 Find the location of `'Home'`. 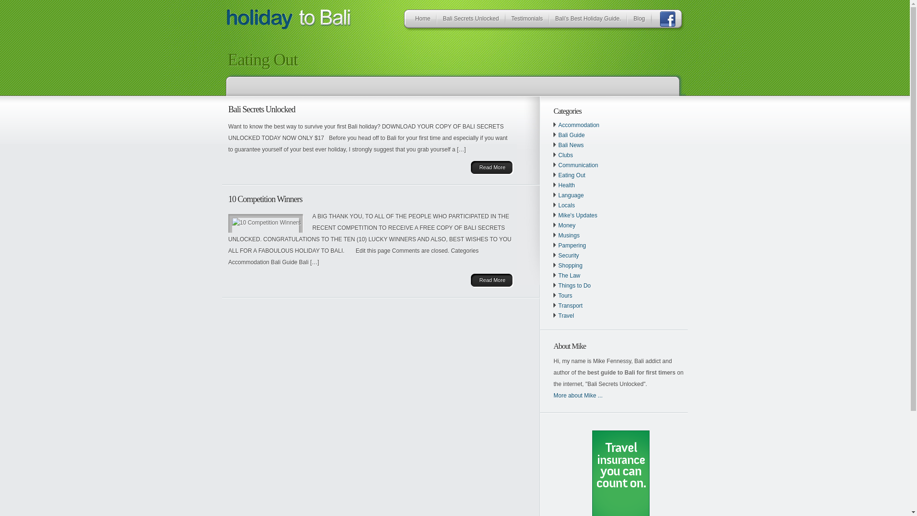

'Home' is located at coordinates (422, 20).